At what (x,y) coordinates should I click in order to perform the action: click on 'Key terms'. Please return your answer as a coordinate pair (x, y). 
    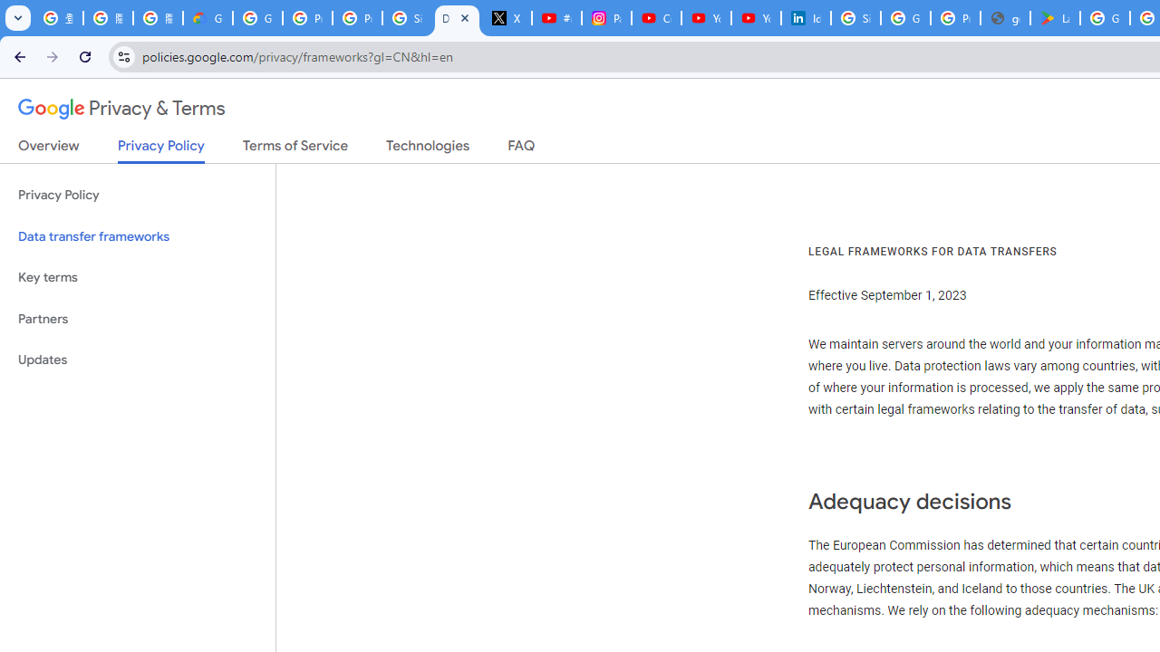
    Looking at the image, I should click on (137, 277).